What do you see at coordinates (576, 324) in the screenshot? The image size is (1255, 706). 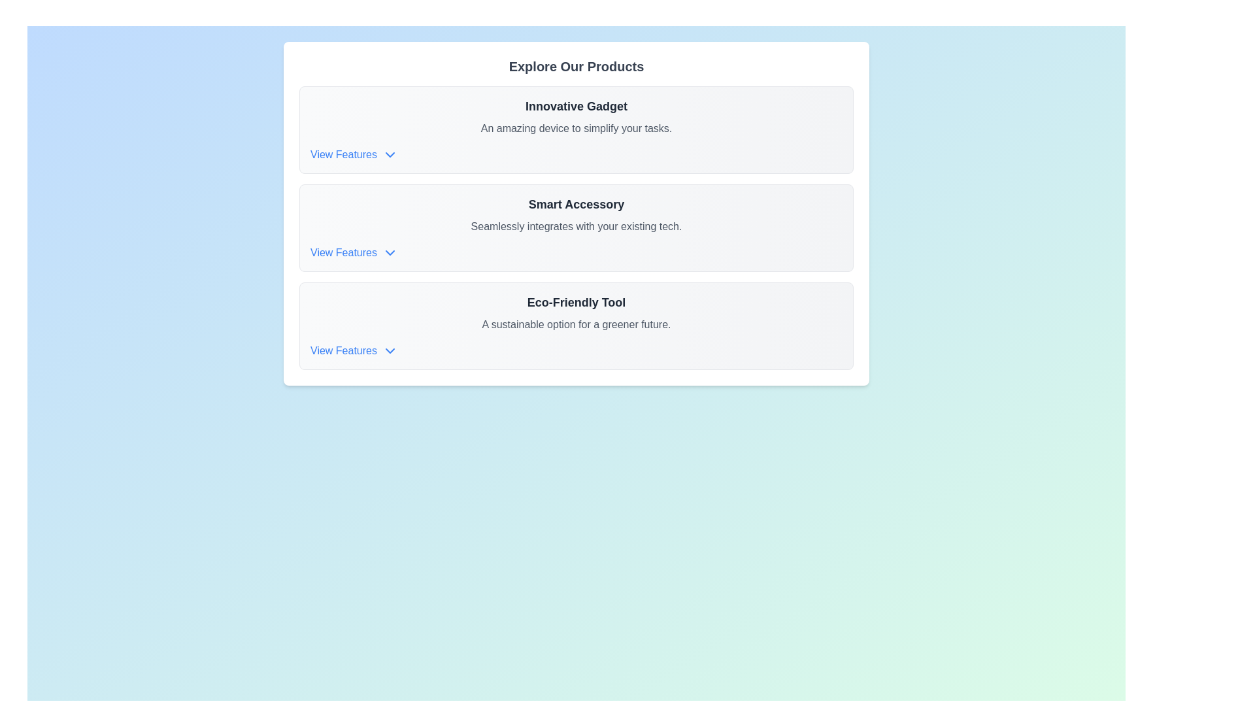 I see `the supporting descriptive text for the 'Eco-Friendly Tool' section, located directly beneath the header text` at bounding box center [576, 324].